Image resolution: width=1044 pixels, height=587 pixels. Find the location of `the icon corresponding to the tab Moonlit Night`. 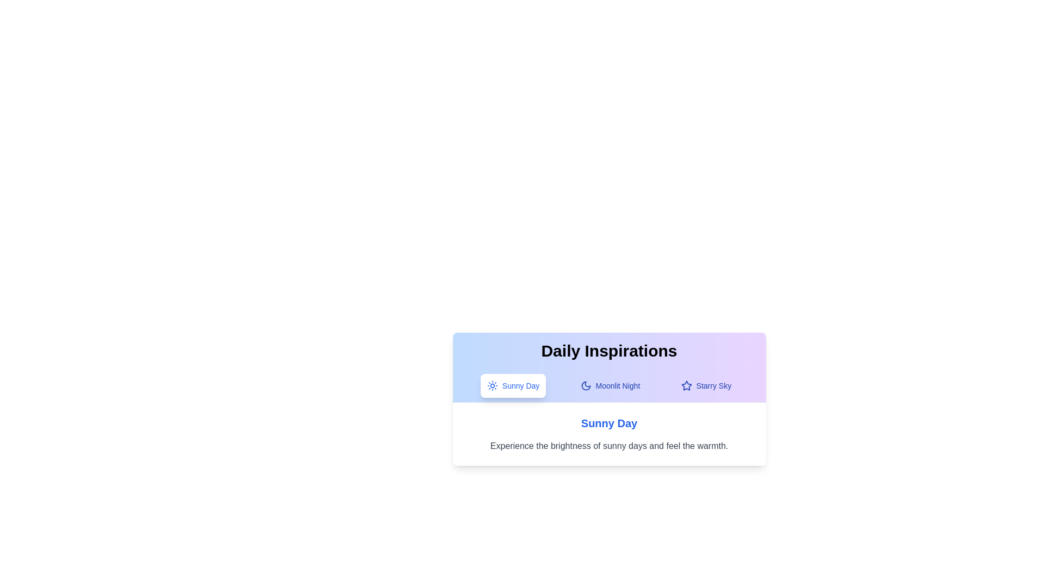

the icon corresponding to the tab Moonlit Night is located at coordinates (585, 385).